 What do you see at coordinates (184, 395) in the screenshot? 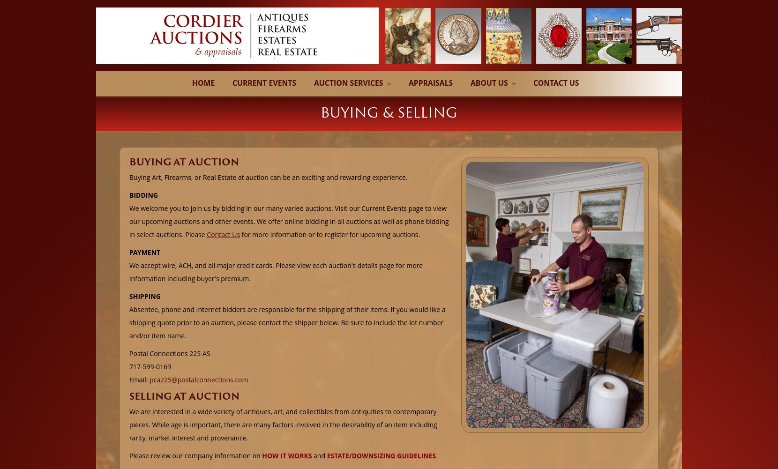
I see `'SELLING AT AUCTION'` at bounding box center [184, 395].